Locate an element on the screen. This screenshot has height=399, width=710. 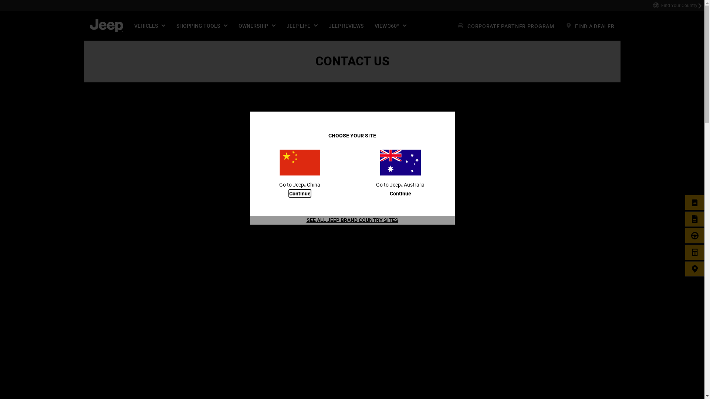
'Find Your Country is located at coordinates (653, 6).